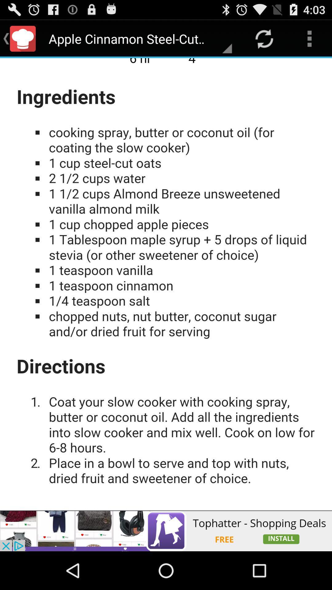 The image size is (332, 590). What do you see at coordinates (166, 531) in the screenshot?
I see `share the article` at bounding box center [166, 531].